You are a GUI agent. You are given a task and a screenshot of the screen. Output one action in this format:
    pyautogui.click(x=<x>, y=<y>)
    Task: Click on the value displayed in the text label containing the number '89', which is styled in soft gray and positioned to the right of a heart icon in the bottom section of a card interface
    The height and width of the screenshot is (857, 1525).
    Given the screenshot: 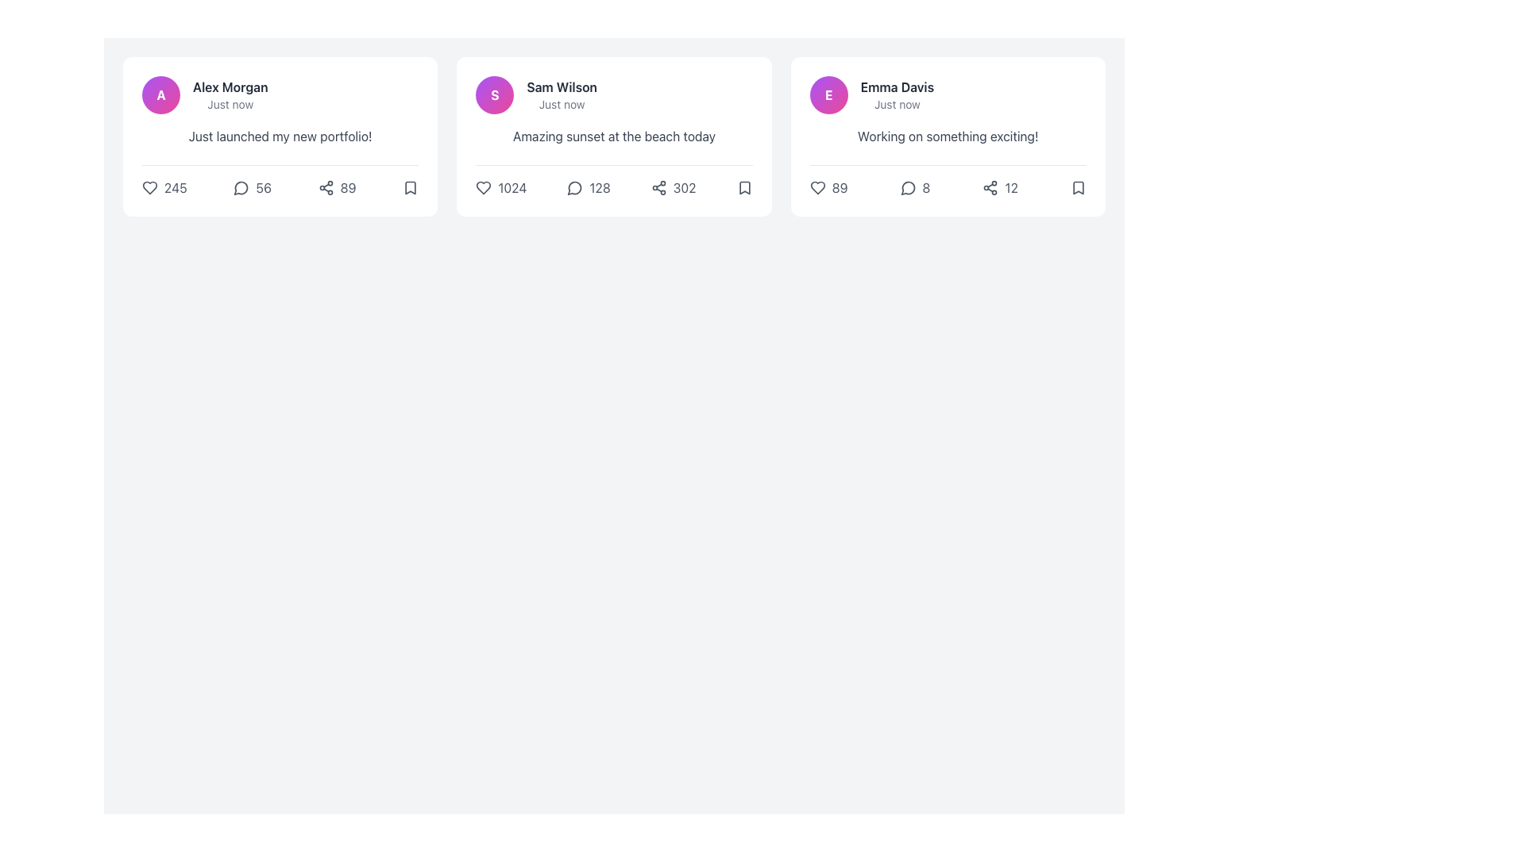 What is the action you would take?
    pyautogui.click(x=839, y=186)
    